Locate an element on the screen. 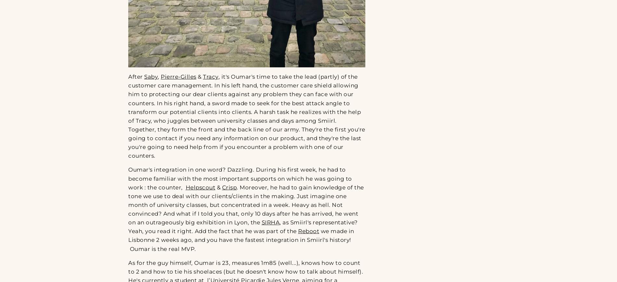  'Helpscout' is located at coordinates (185, 187).